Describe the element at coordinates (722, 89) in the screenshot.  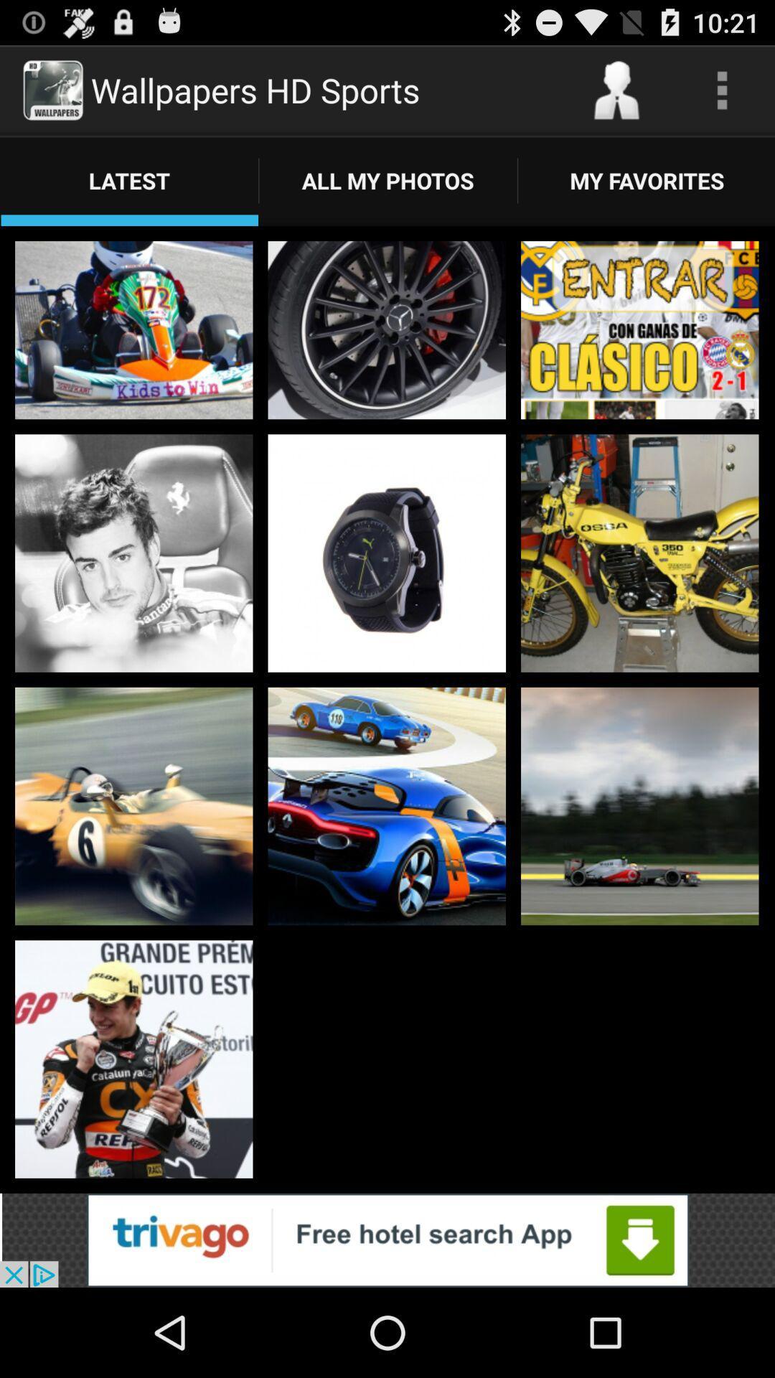
I see `options` at that location.